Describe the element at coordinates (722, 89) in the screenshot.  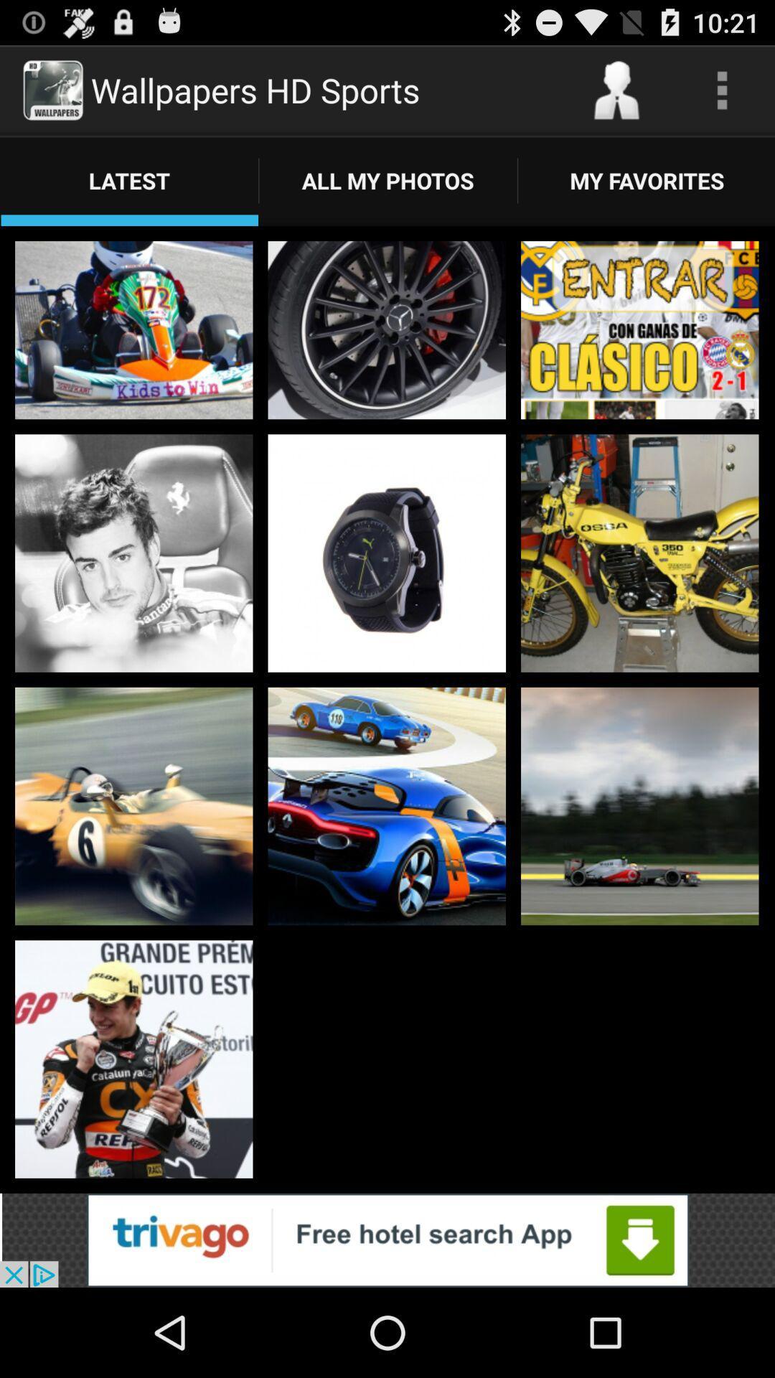
I see `options` at that location.